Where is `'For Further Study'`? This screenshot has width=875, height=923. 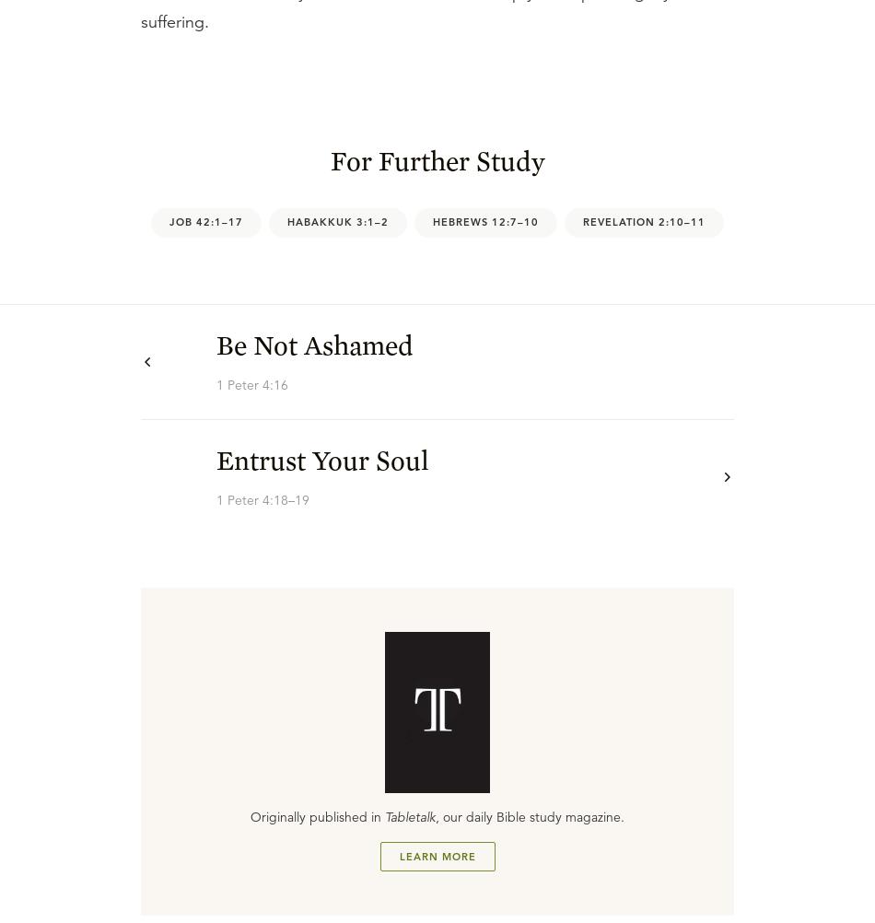
'For Further Study' is located at coordinates (436, 159).